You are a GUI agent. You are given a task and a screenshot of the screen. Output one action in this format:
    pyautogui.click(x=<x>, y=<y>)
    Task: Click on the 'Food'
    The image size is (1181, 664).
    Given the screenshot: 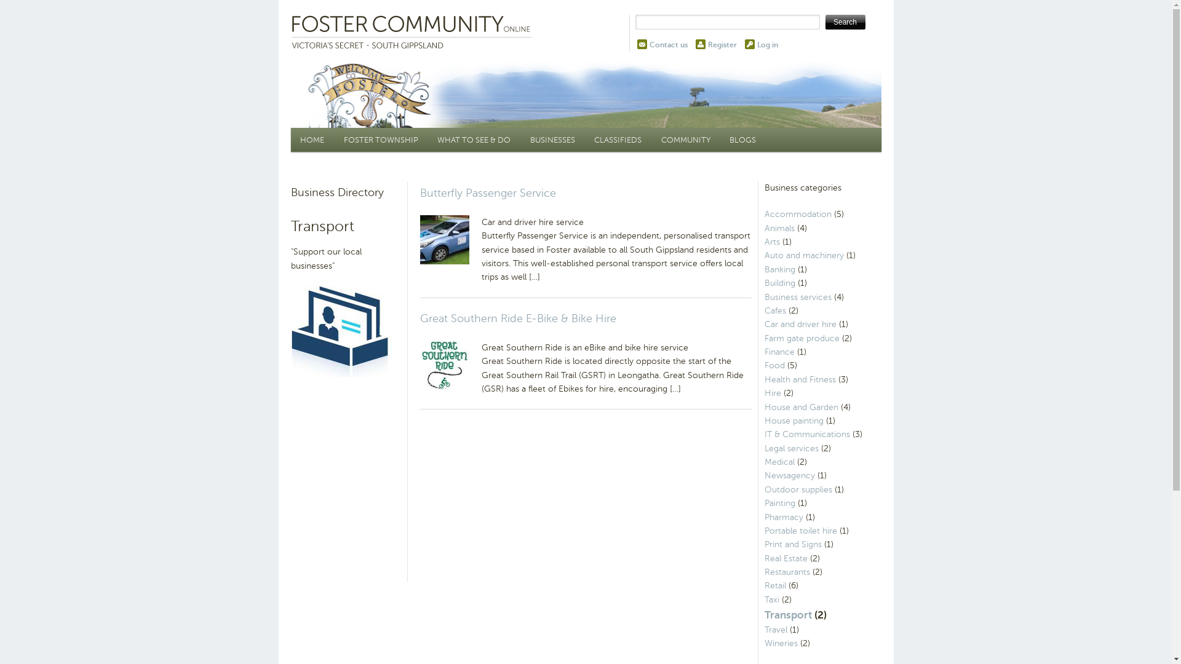 What is the action you would take?
    pyautogui.click(x=773, y=365)
    